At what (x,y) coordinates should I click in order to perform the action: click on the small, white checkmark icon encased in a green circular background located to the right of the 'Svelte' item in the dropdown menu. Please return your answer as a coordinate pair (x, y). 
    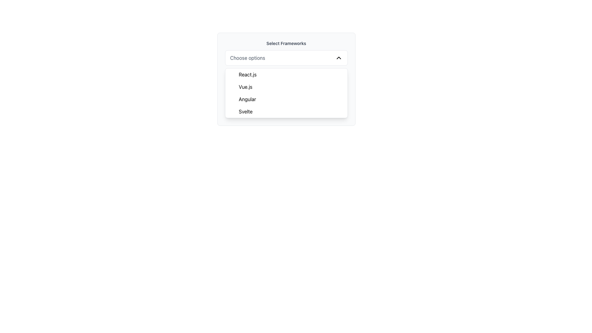
    Looking at the image, I should click on (233, 111).